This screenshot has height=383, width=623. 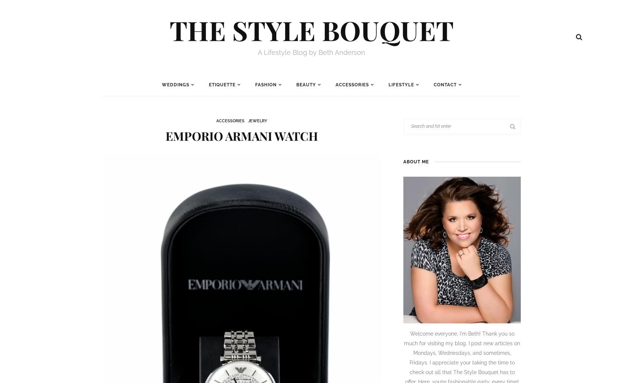 What do you see at coordinates (212, 120) in the screenshot?
I see `'Dining'` at bounding box center [212, 120].